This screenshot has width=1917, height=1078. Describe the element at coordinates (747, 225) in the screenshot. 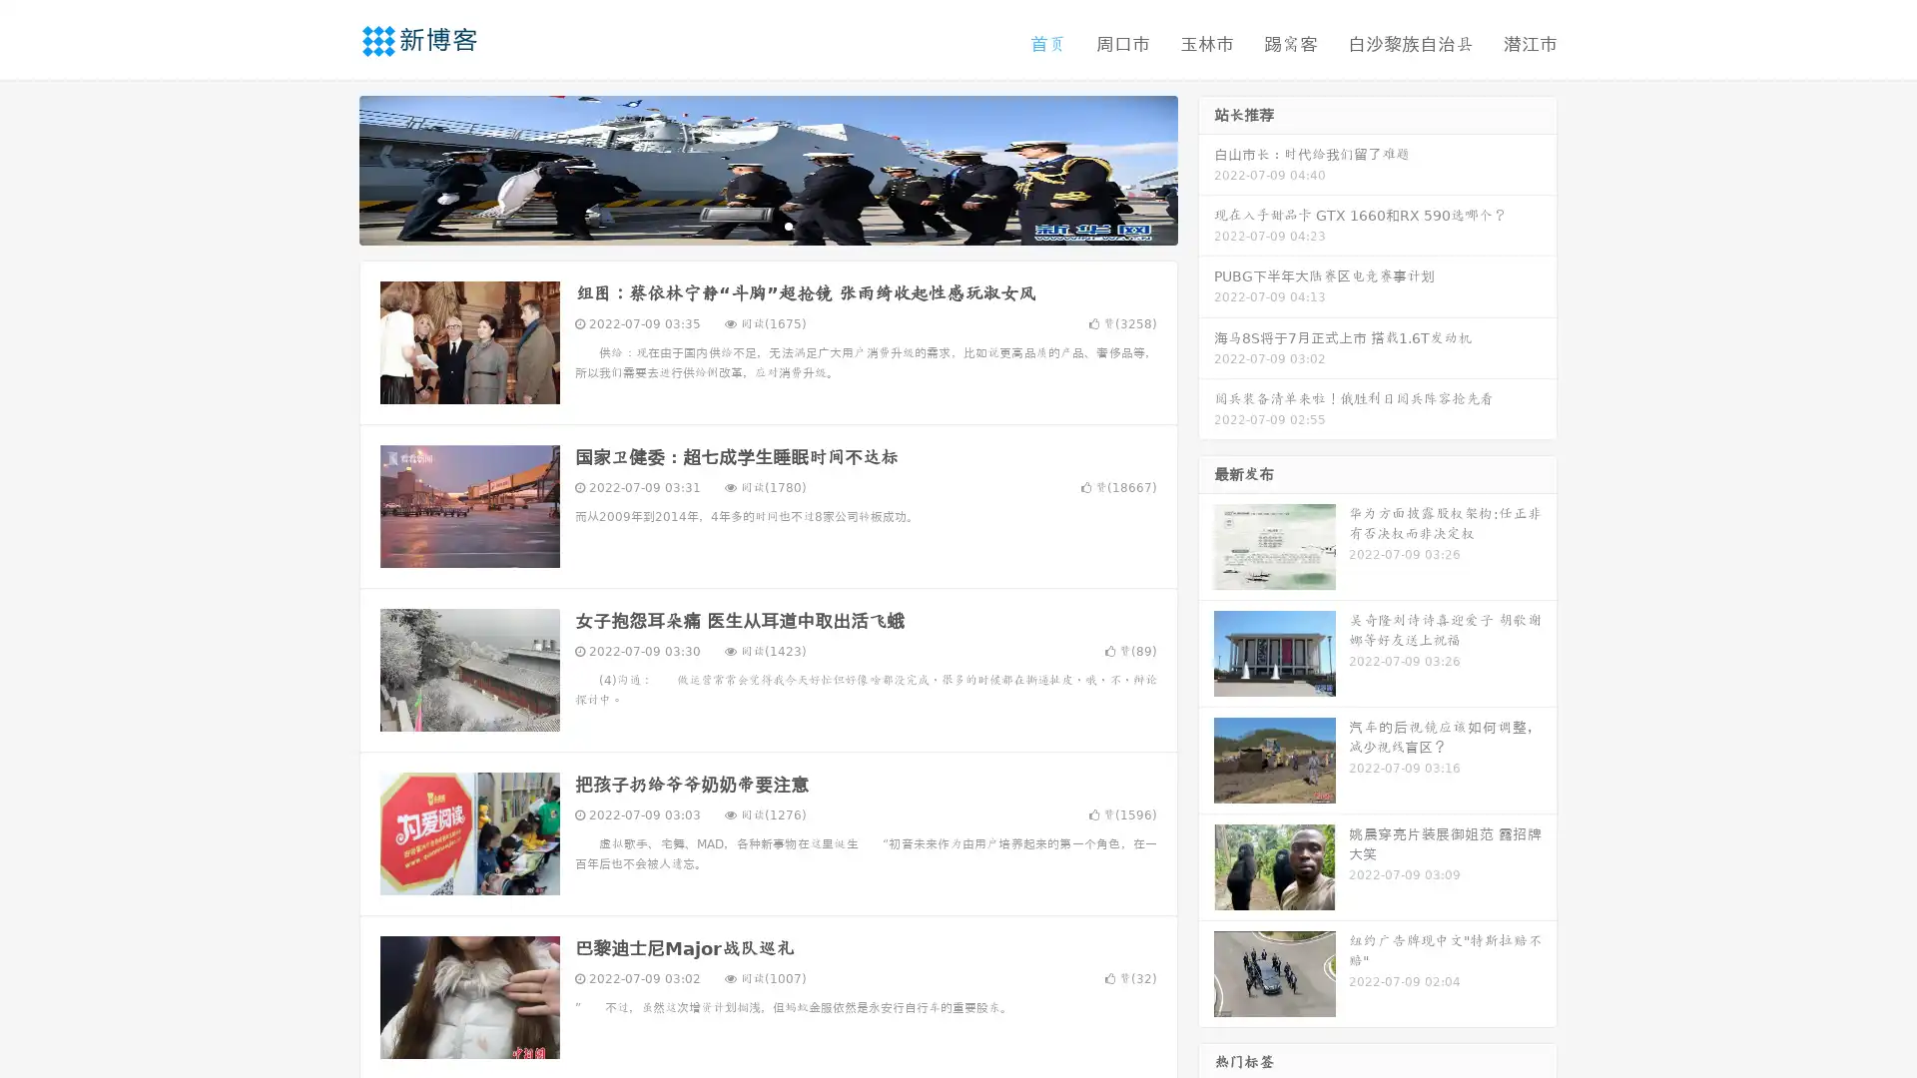

I see `Go to slide 1` at that location.